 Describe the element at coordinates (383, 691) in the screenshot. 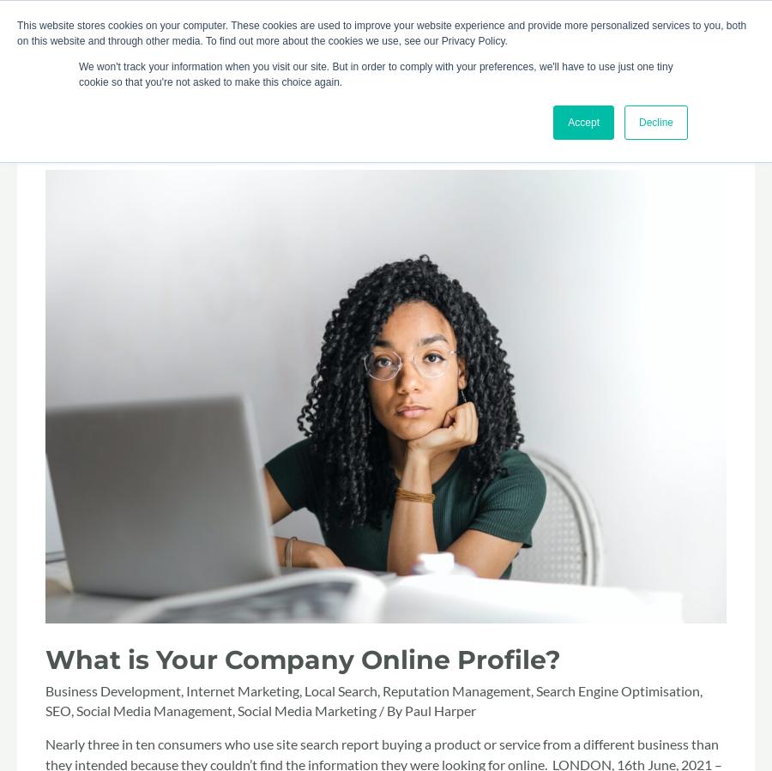

I see `'Reputation Management'` at that location.